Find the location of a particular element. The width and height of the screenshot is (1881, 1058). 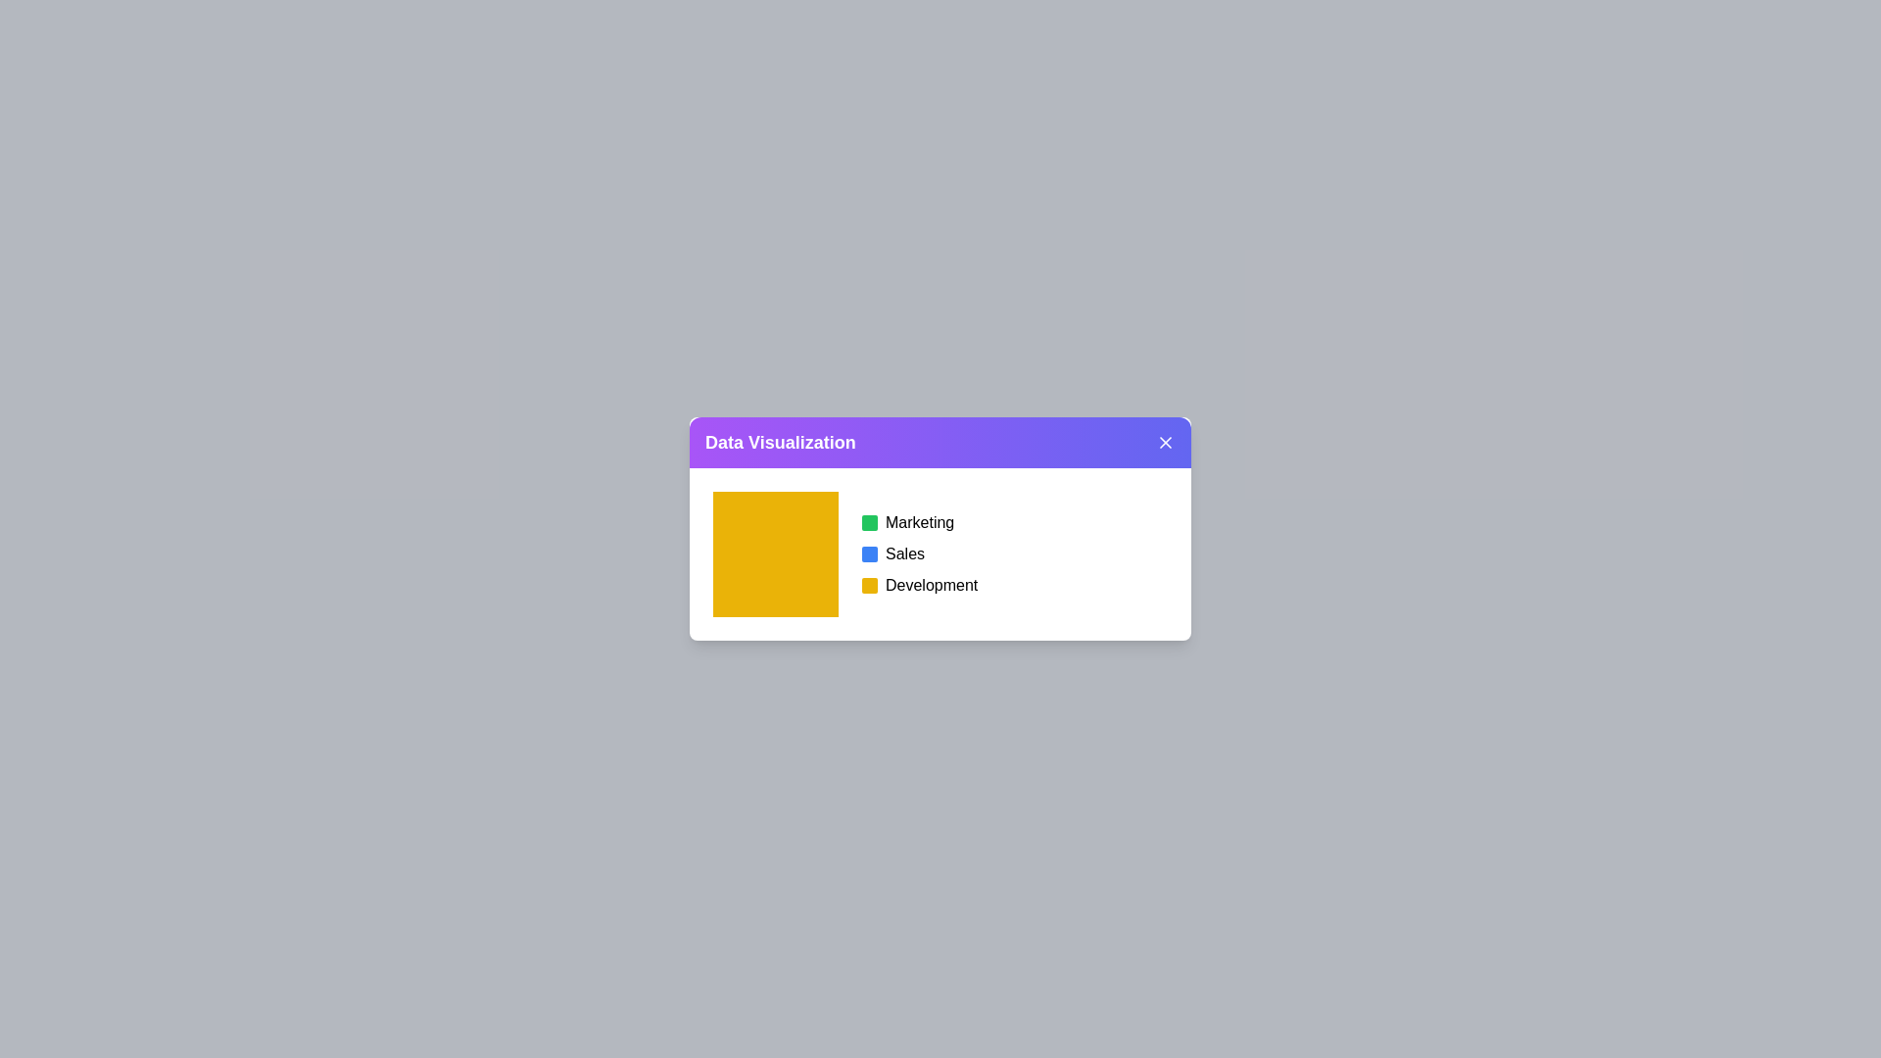

the close button to close the dialog is located at coordinates (1166, 442).